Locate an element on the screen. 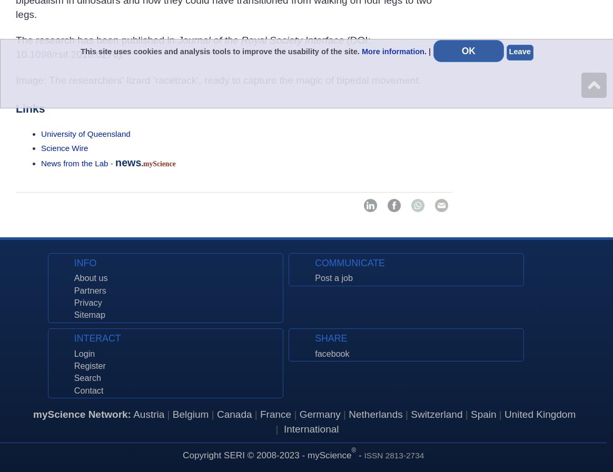 The width and height of the screenshot is (613, 472). 'About us' is located at coordinates (74, 277).